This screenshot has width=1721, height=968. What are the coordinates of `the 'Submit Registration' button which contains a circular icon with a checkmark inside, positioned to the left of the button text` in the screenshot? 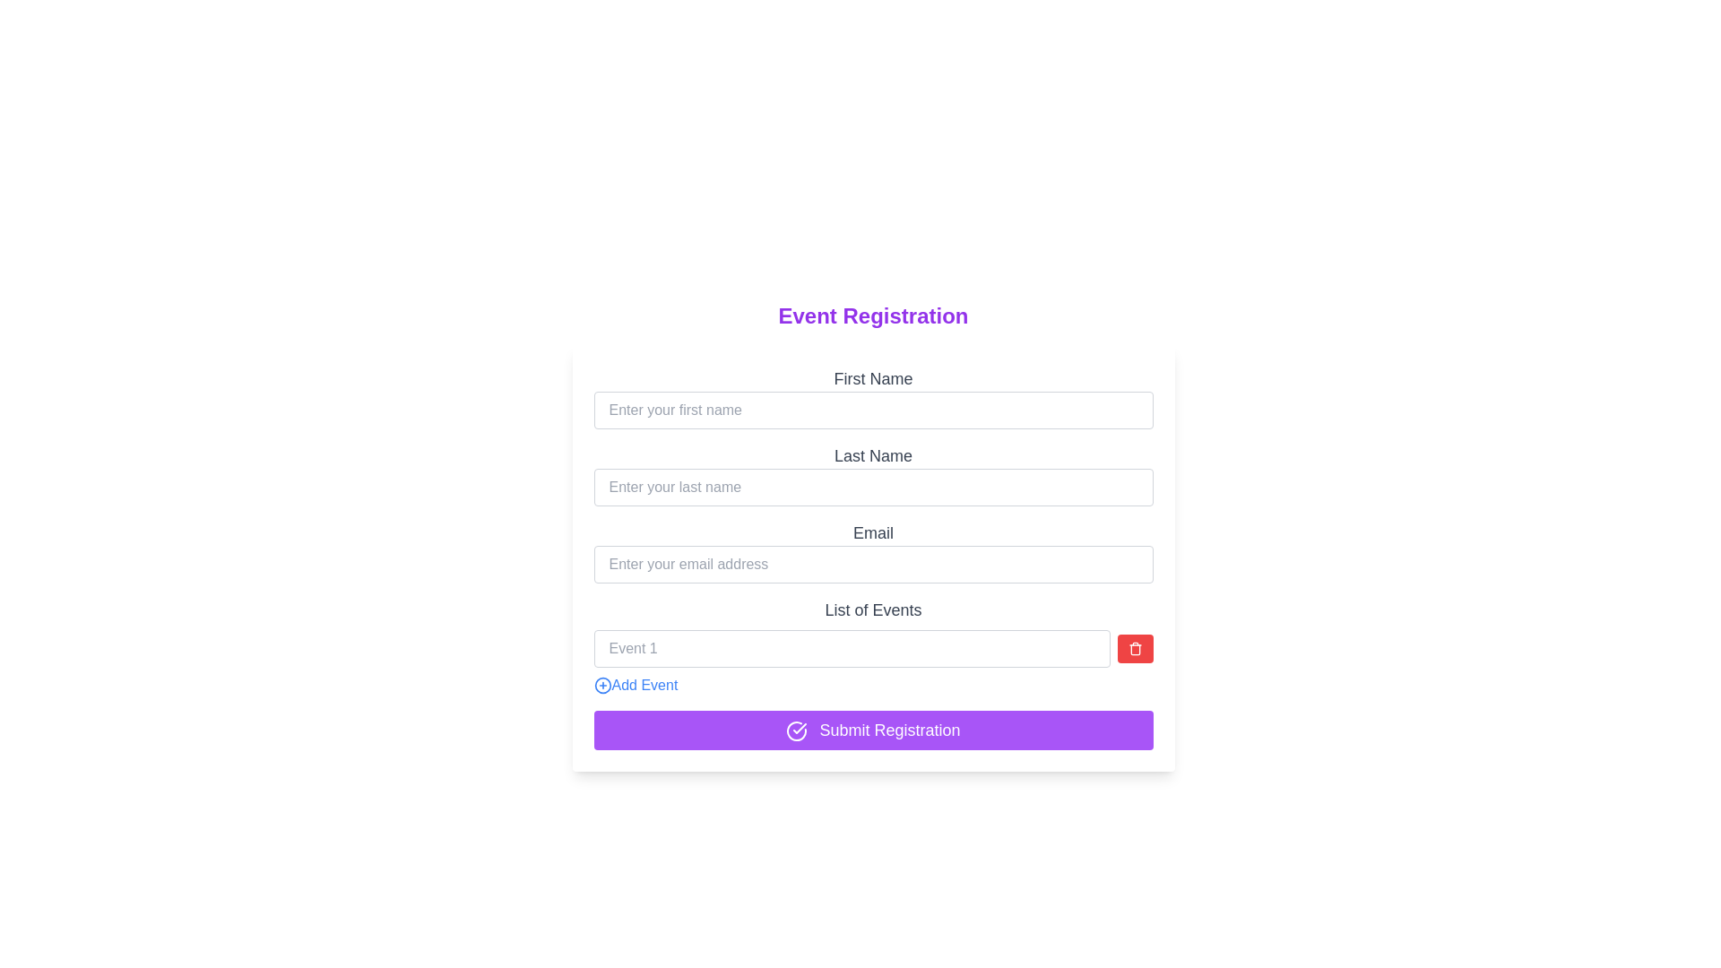 It's located at (796, 731).